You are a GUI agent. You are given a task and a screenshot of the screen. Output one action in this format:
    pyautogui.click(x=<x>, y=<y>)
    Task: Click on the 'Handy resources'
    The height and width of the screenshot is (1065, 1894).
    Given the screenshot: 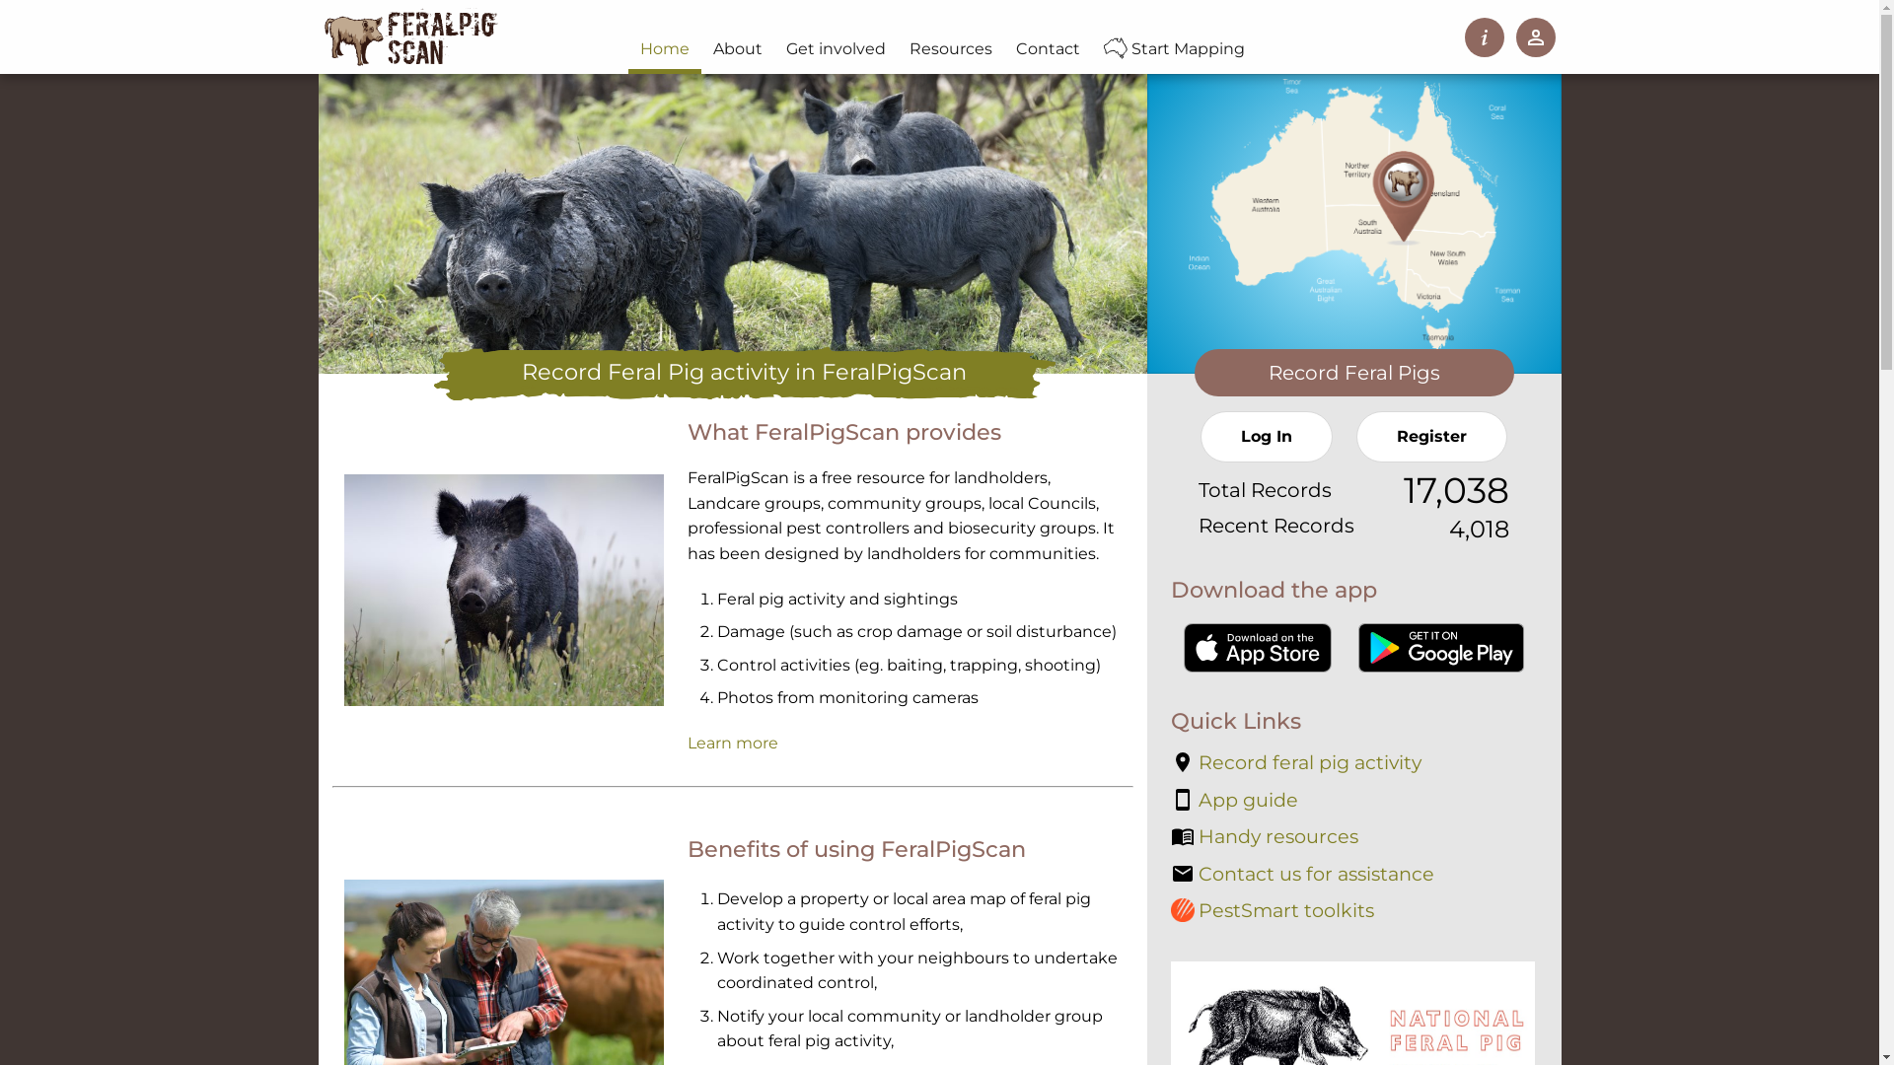 What is the action you would take?
    pyautogui.click(x=1169, y=836)
    